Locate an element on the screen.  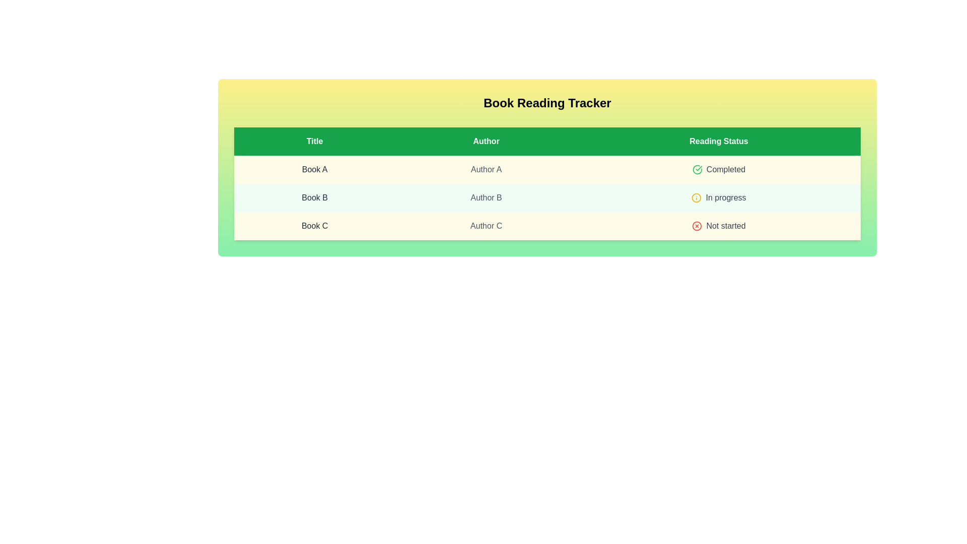
the row corresponding to Book A is located at coordinates (546, 169).